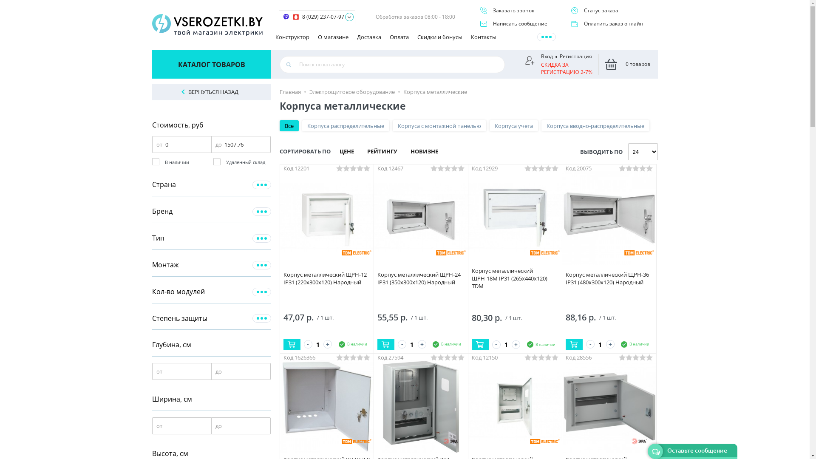 The height and width of the screenshot is (459, 816). What do you see at coordinates (323, 344) in the screenshot?
I see `'+'` at bounding box center [323, 344].